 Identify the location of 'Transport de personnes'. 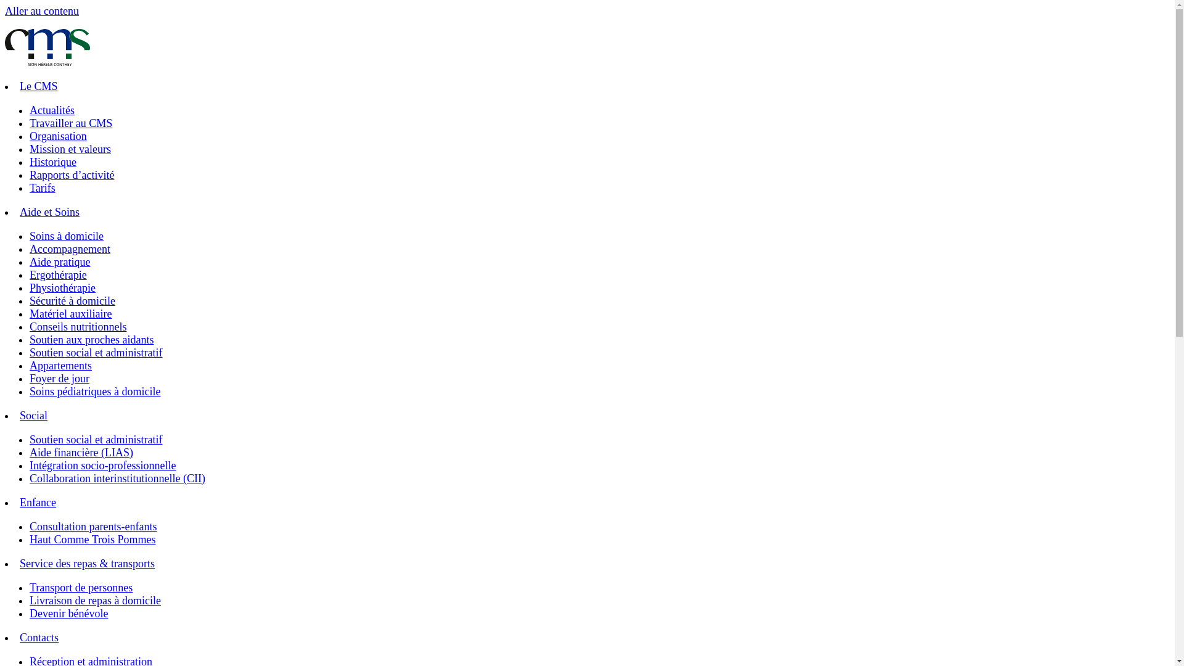
(80, 586).